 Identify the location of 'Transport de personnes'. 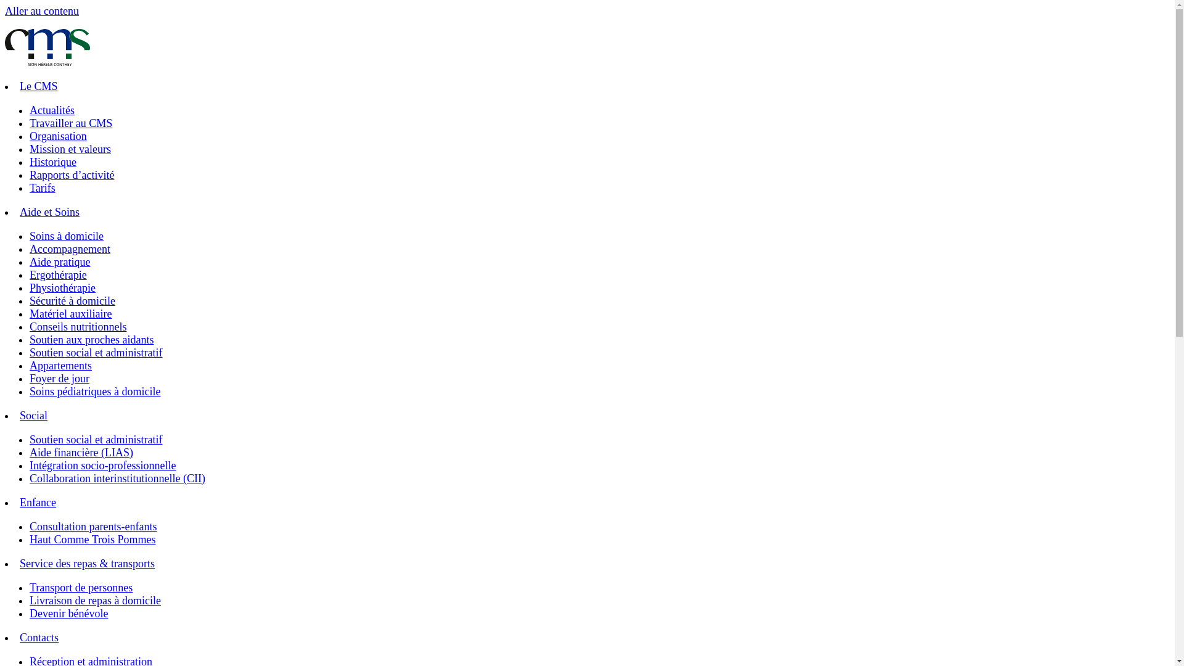
(80, 586).